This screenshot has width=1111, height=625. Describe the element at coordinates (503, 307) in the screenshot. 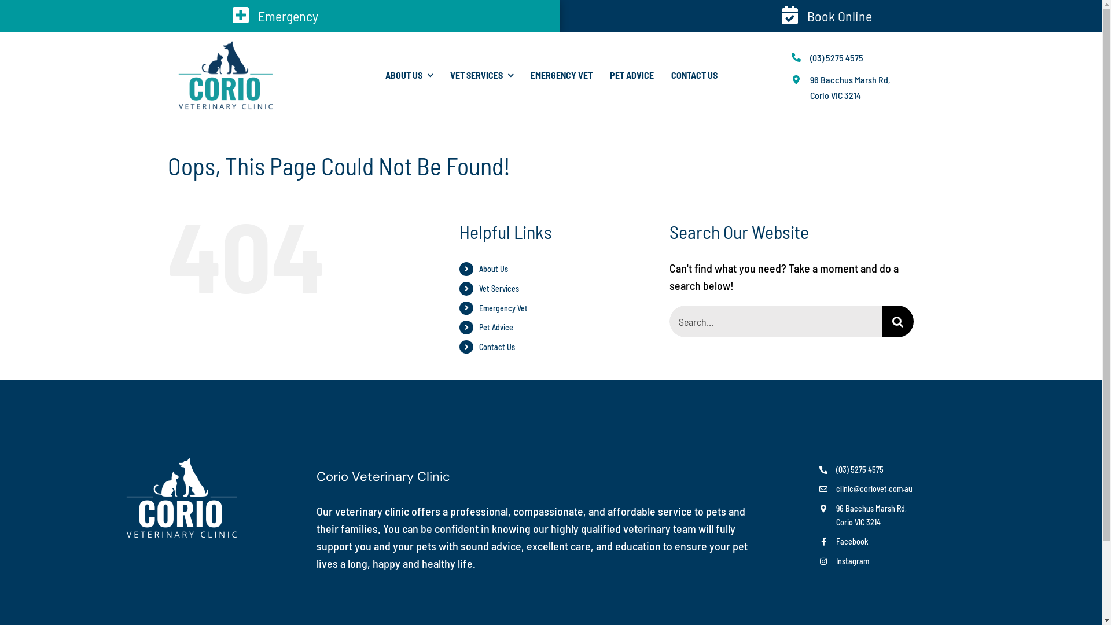

I see `'Emergency Vet'` at that location.